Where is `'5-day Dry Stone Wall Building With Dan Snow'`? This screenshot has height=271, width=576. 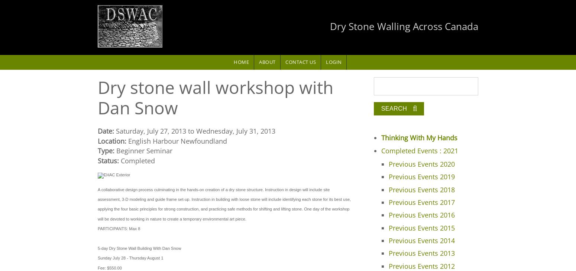
'5-day Dry Stone Wall Building With Dan Snow' is located at coordinates (98, 248).